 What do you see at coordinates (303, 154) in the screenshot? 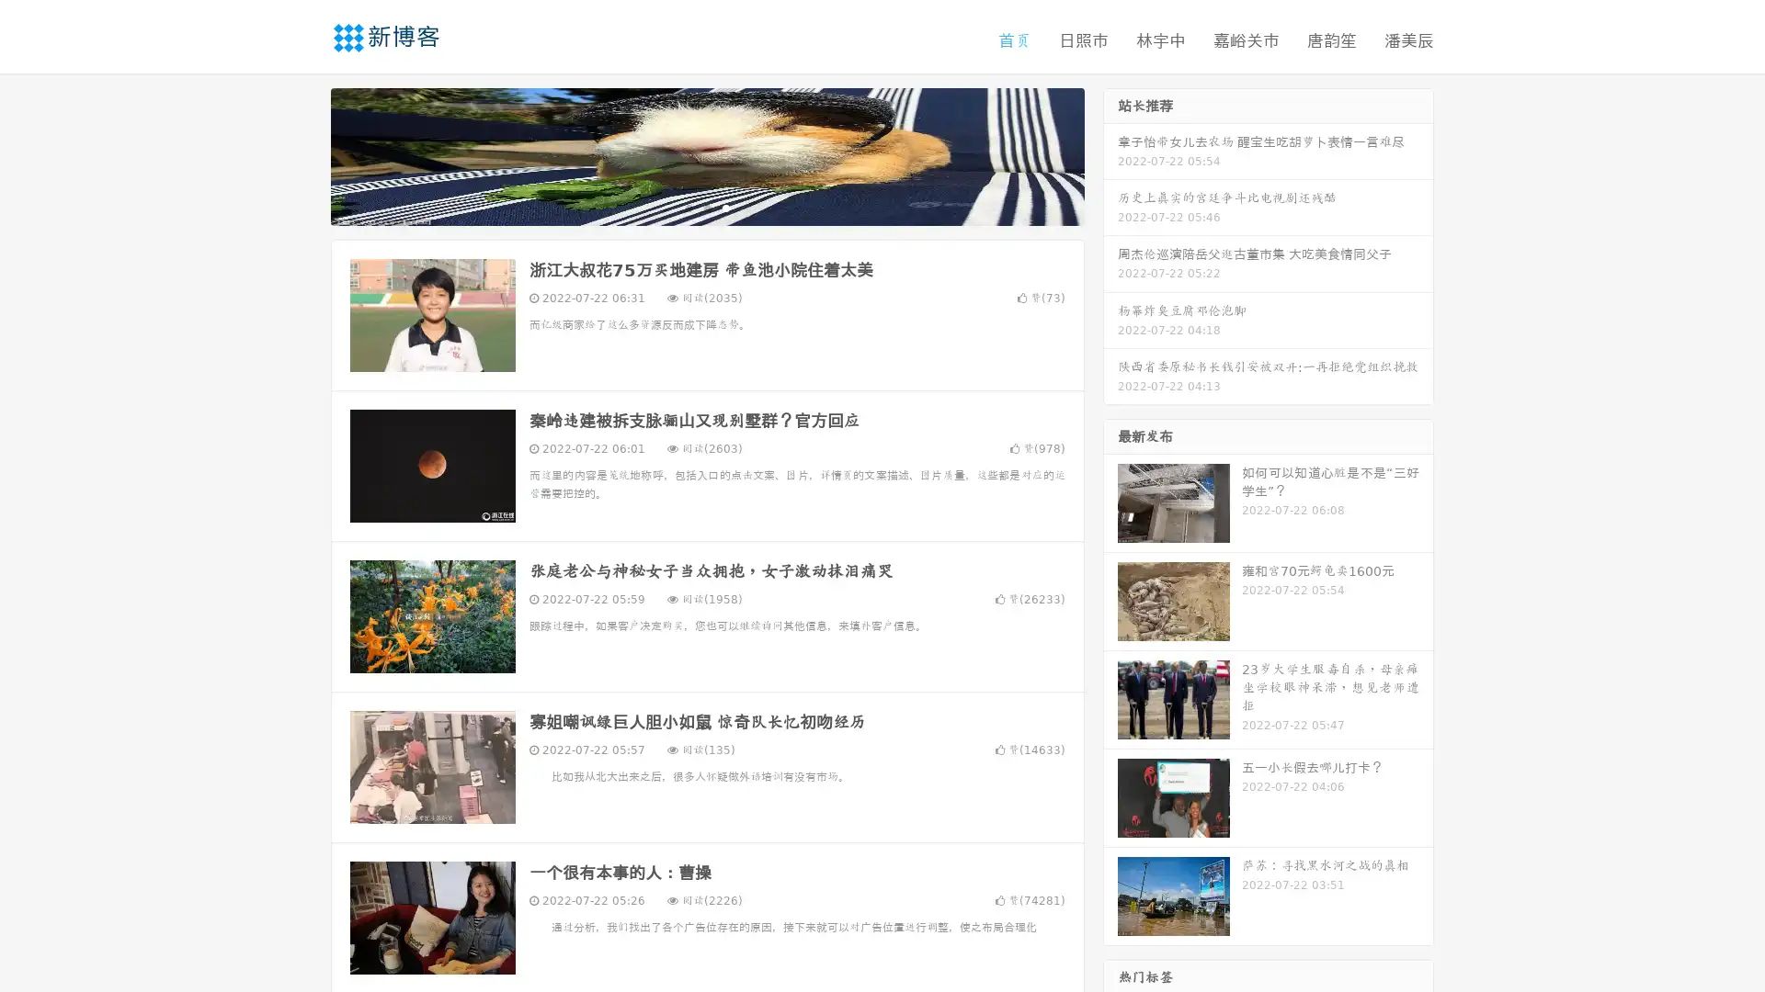
I see `Previous slide` at bounding box center [303, 154].